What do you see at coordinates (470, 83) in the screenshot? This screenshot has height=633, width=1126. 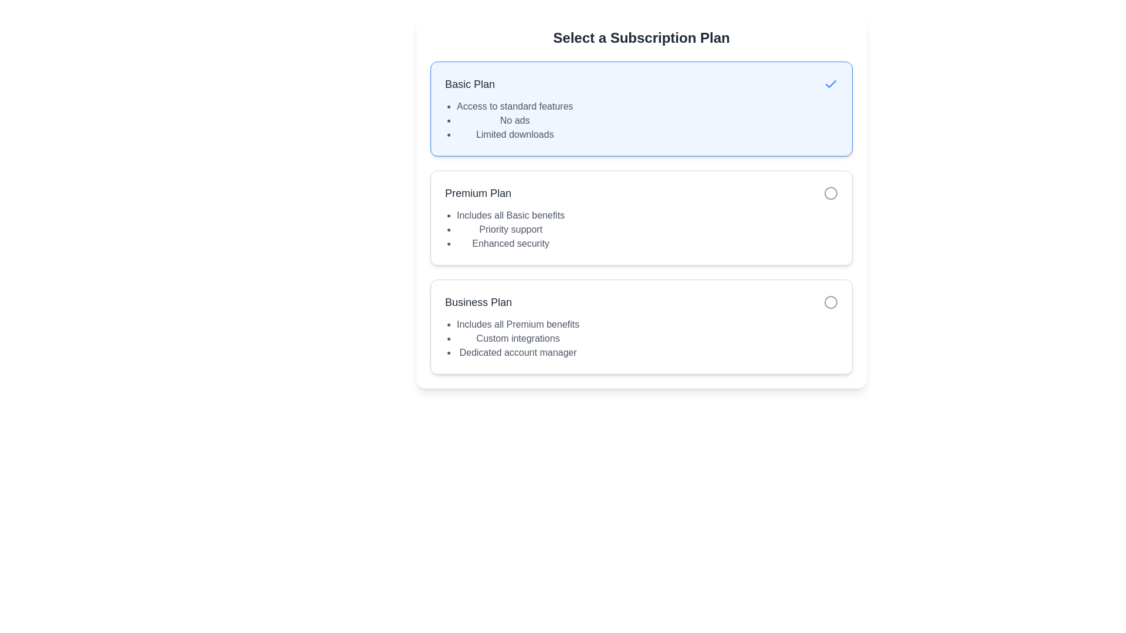 I see `text label that denotes the title of the 'Basic Plan', located at the top-left section of the subscription plan selection area` at bounding box center [470, 83].